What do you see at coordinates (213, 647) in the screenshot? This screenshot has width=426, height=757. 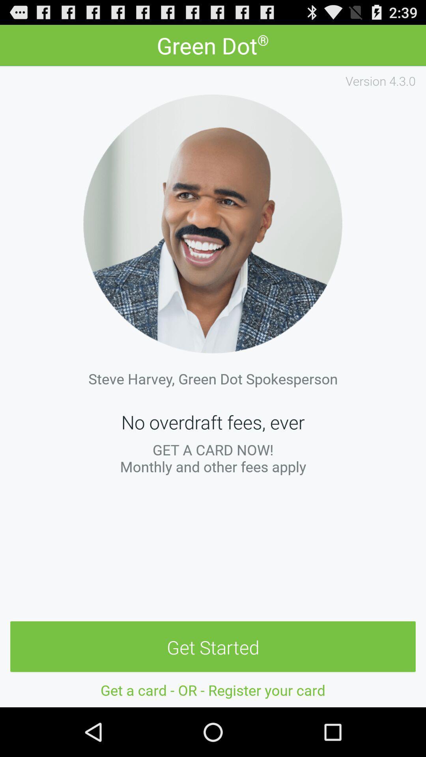 I see `get started` at bounding box center [213, 647].